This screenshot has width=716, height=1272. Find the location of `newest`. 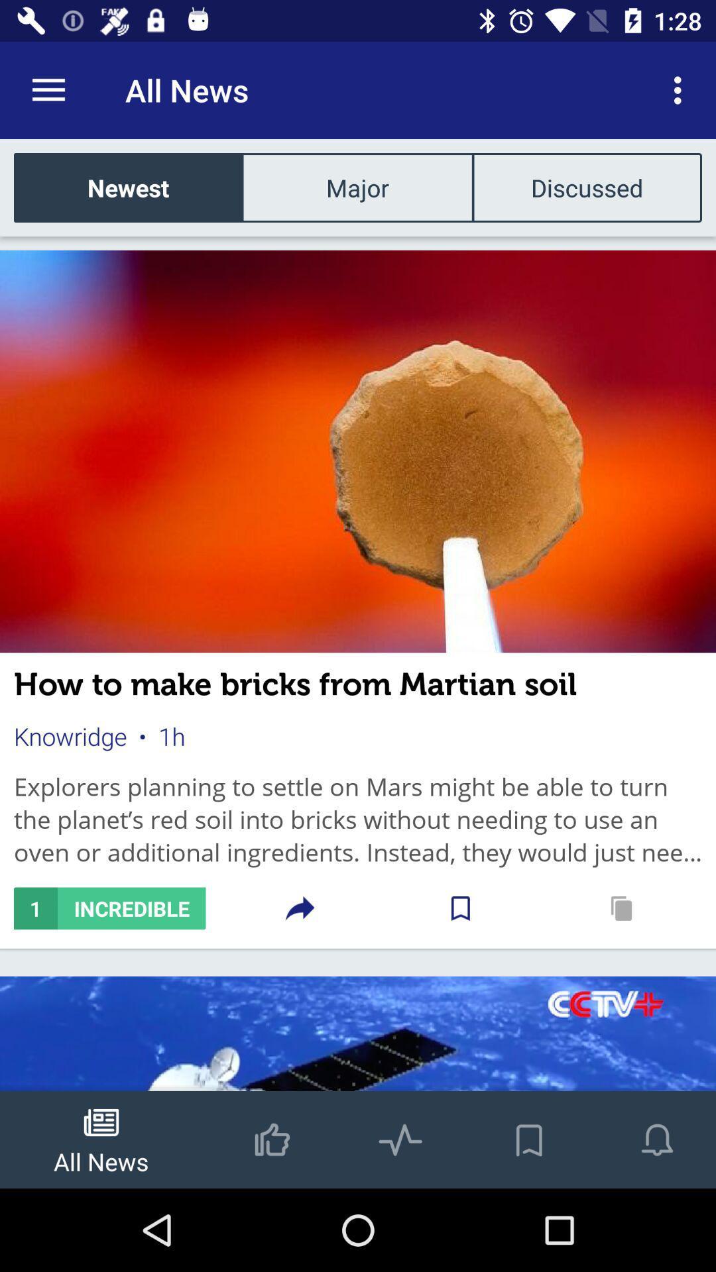

newest is located at coordinates (128, 187).